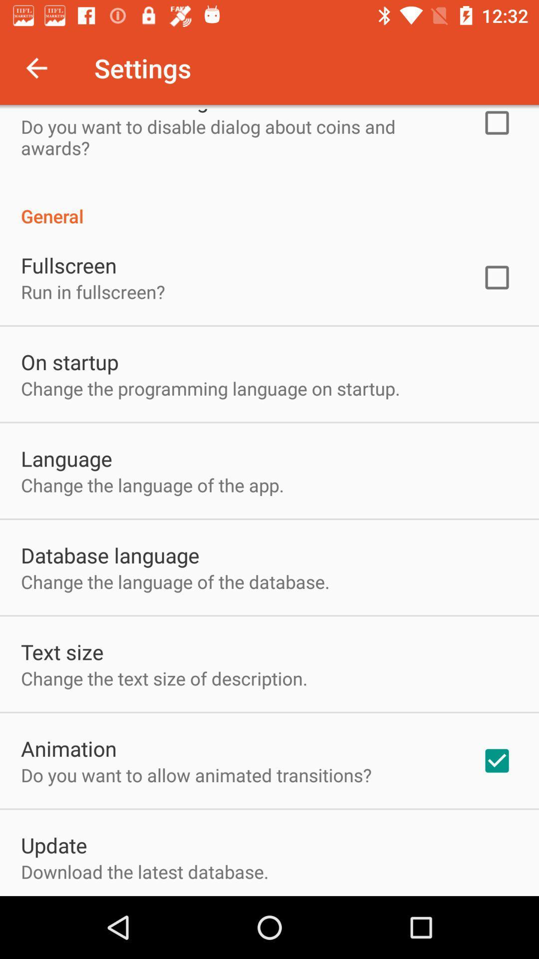  What do you see at coordinates (93, 291) in the screenshot?
I see `run in fullscreen? icon` at bounding box center [93, 291].